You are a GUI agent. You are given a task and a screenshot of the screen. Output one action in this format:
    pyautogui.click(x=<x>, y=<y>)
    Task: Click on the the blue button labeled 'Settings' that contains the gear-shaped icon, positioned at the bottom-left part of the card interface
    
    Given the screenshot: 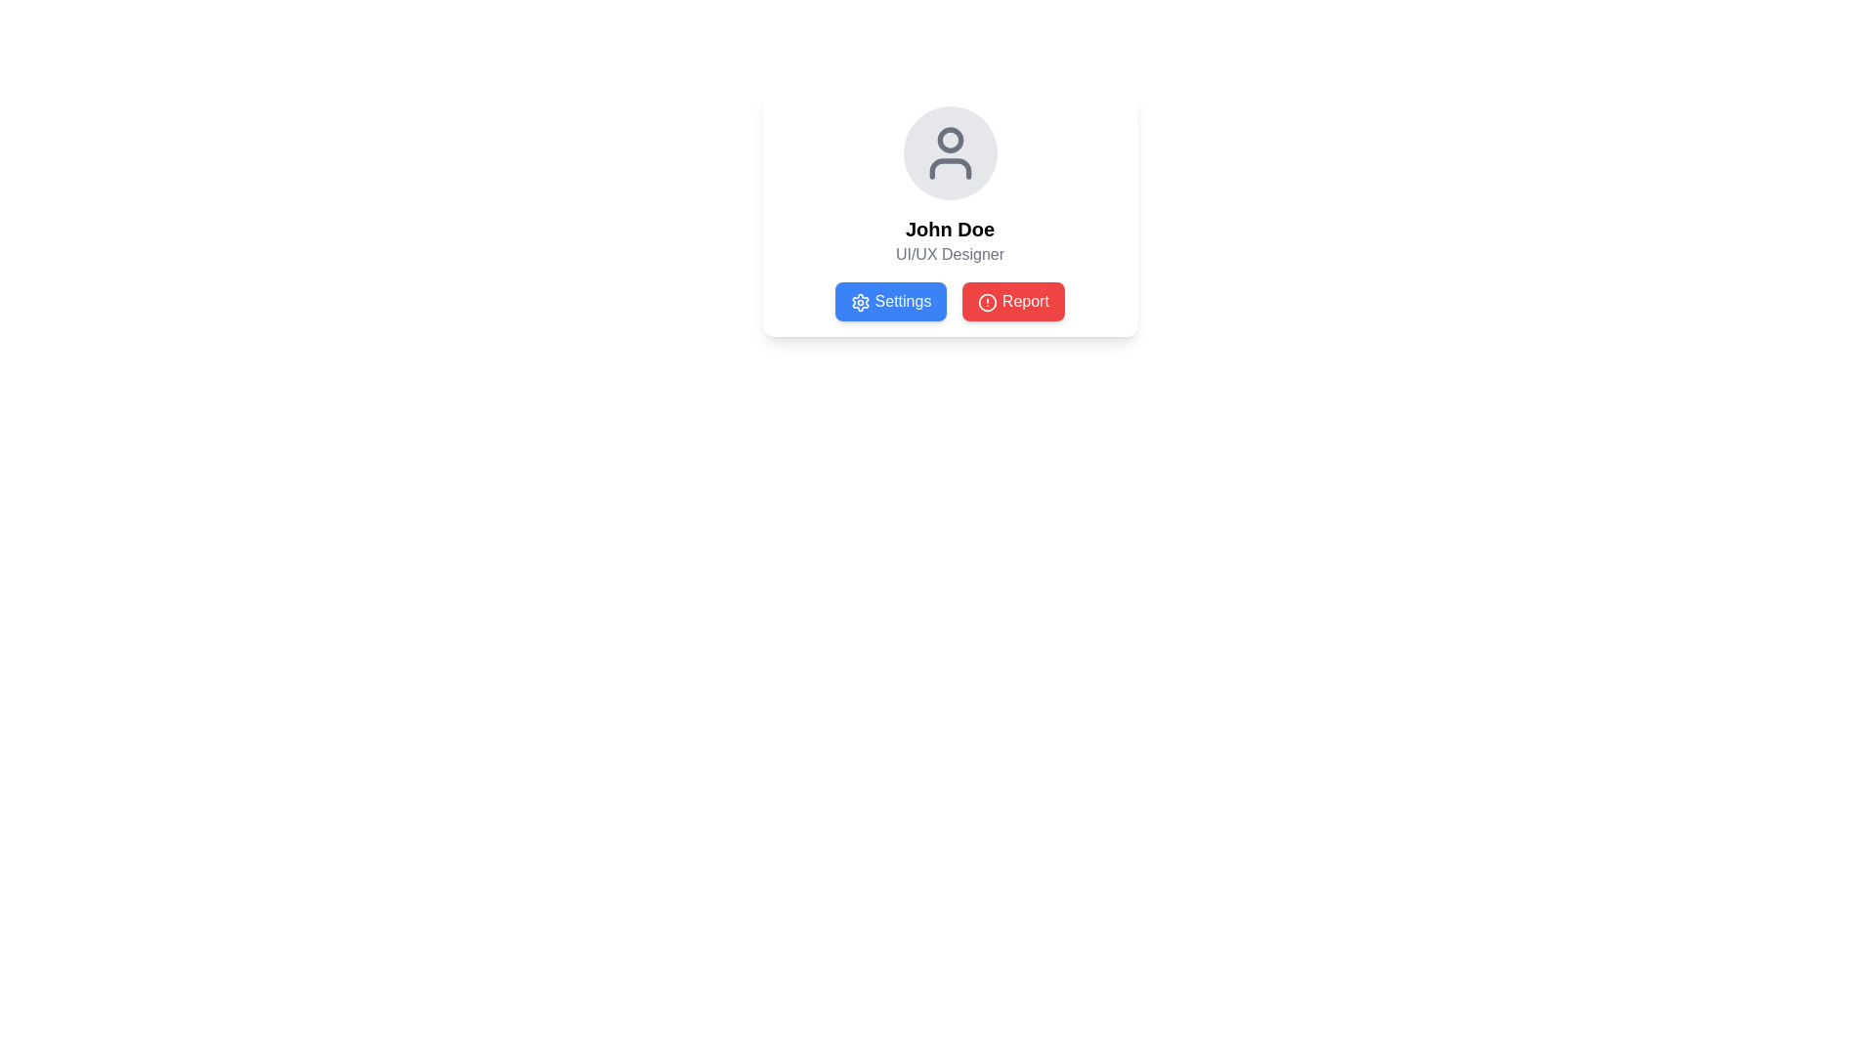 What is the action you would take?
    pyautogui.click(x=860, y=302)
    